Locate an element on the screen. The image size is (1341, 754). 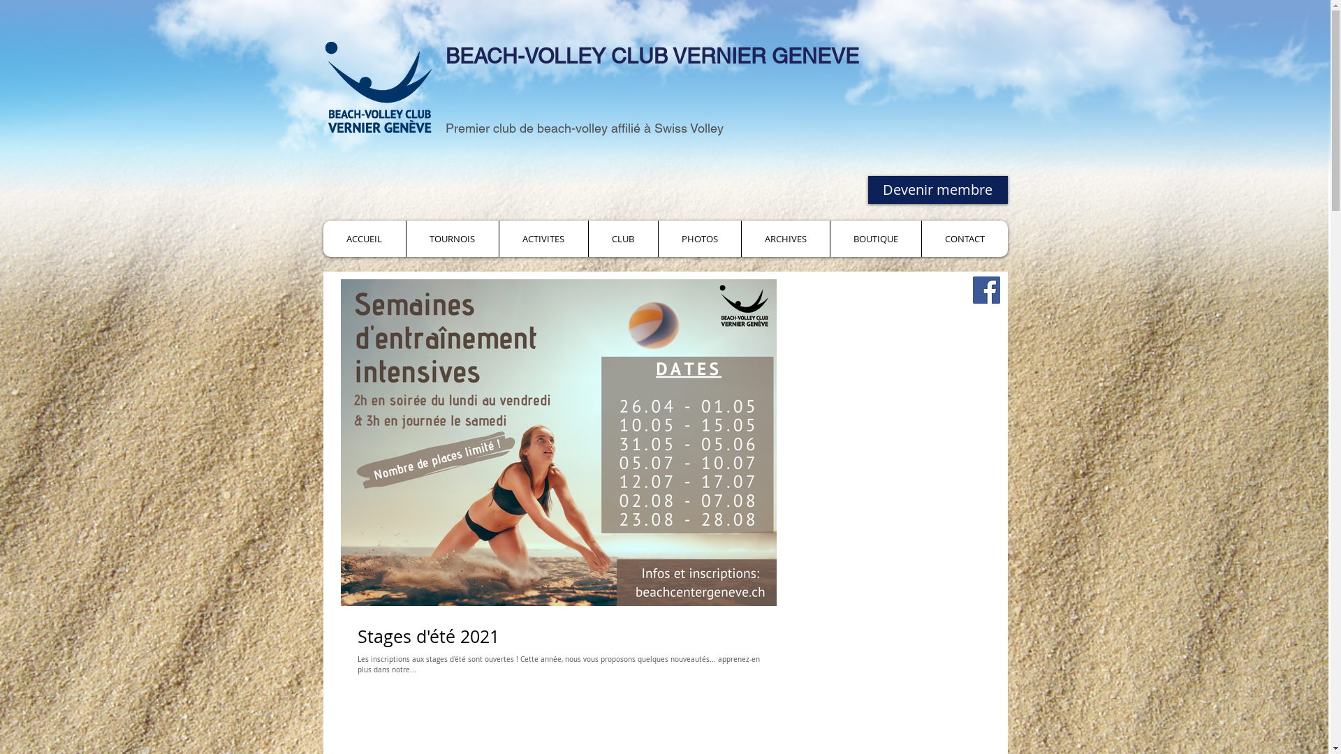
'BeachVolleyLogo_transparent_navy.png' is located at coordinates (378, 87).